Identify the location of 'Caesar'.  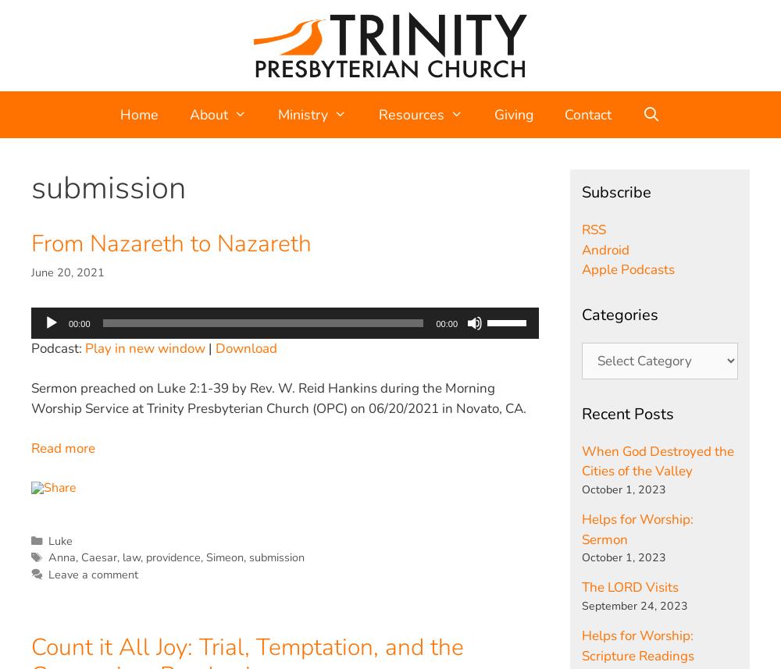
(80, 557).